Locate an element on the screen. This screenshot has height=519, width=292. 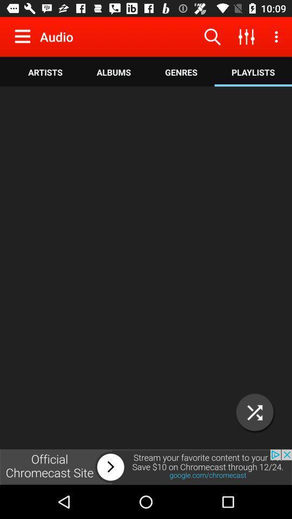
forward is located at coordinates (146, 467).